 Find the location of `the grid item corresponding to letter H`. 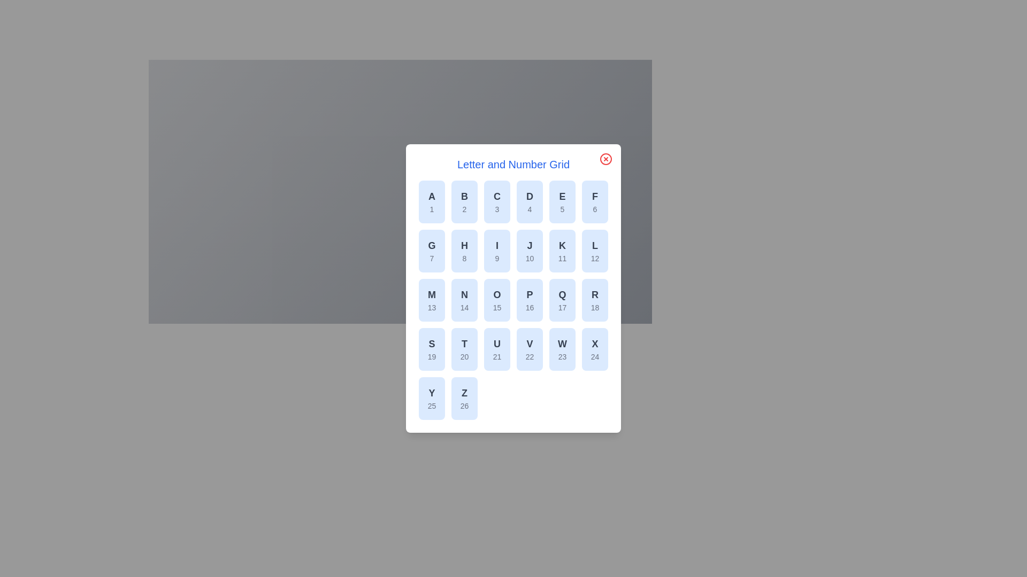

the grid item corresponding to letter H is located at coordinates (464, 251).